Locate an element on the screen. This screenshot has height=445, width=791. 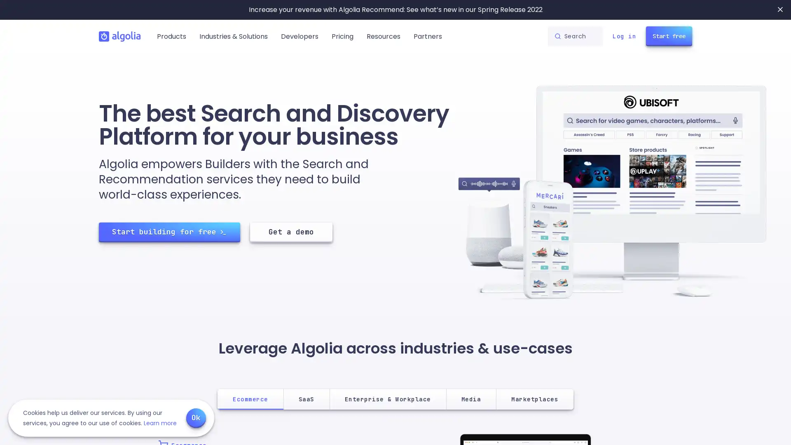
Ok is located at coordinates (195, 418).